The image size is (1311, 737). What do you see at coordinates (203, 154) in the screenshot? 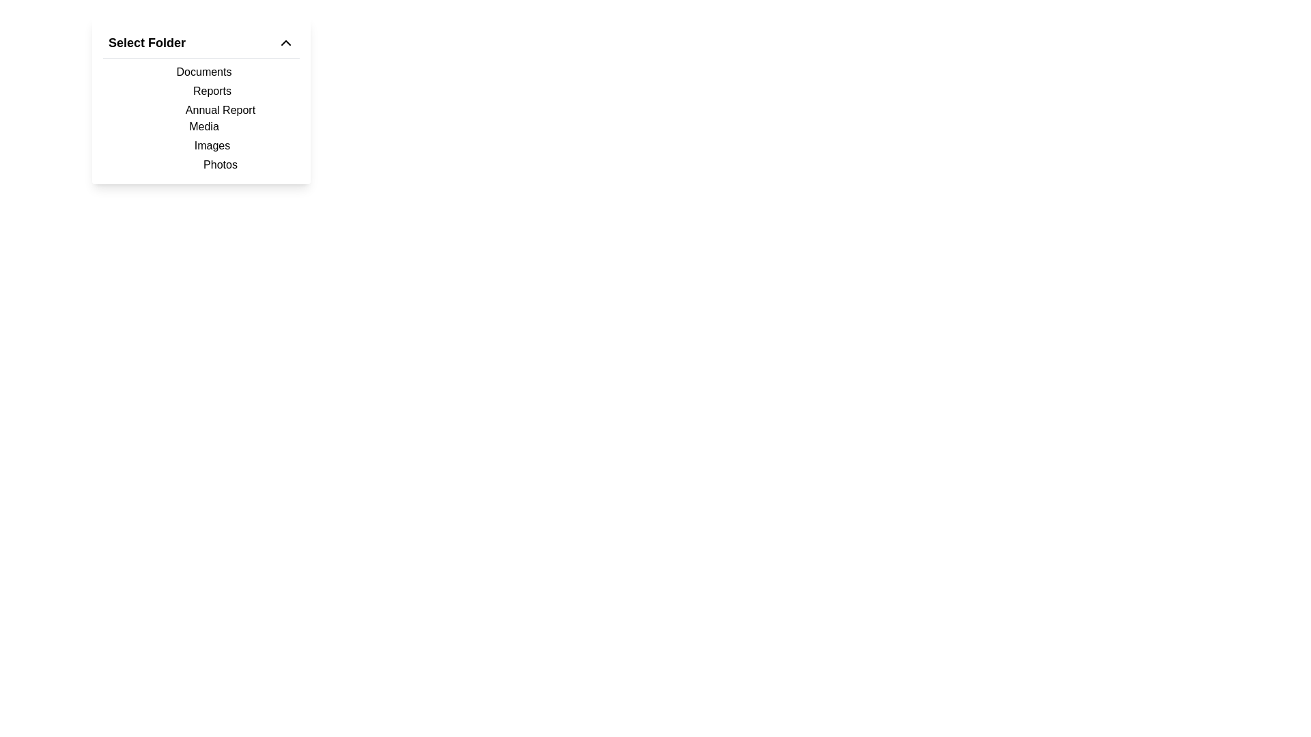
I see `the 'Images' navigation item in the dropdown menu` at bounding box center [203, 154].